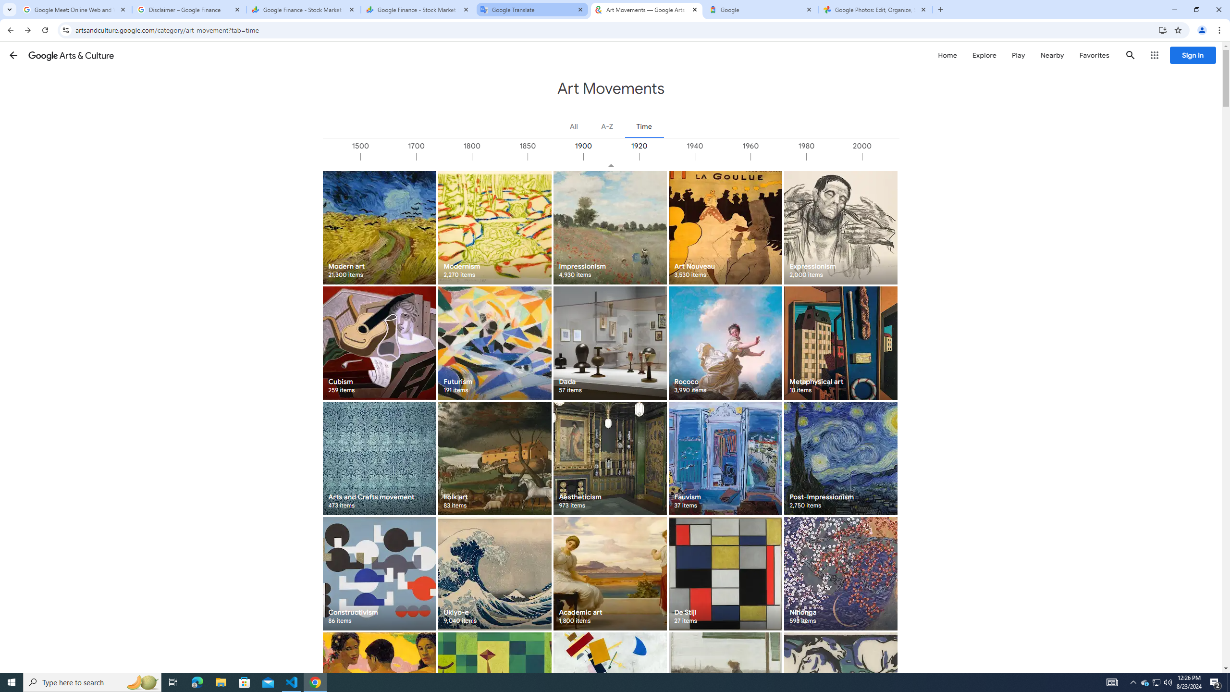  What do you see at coordinates (1163, 29) in the screenshot?
I see `'Install Google Arts & Culture'` at bounding box center [1163, 29].